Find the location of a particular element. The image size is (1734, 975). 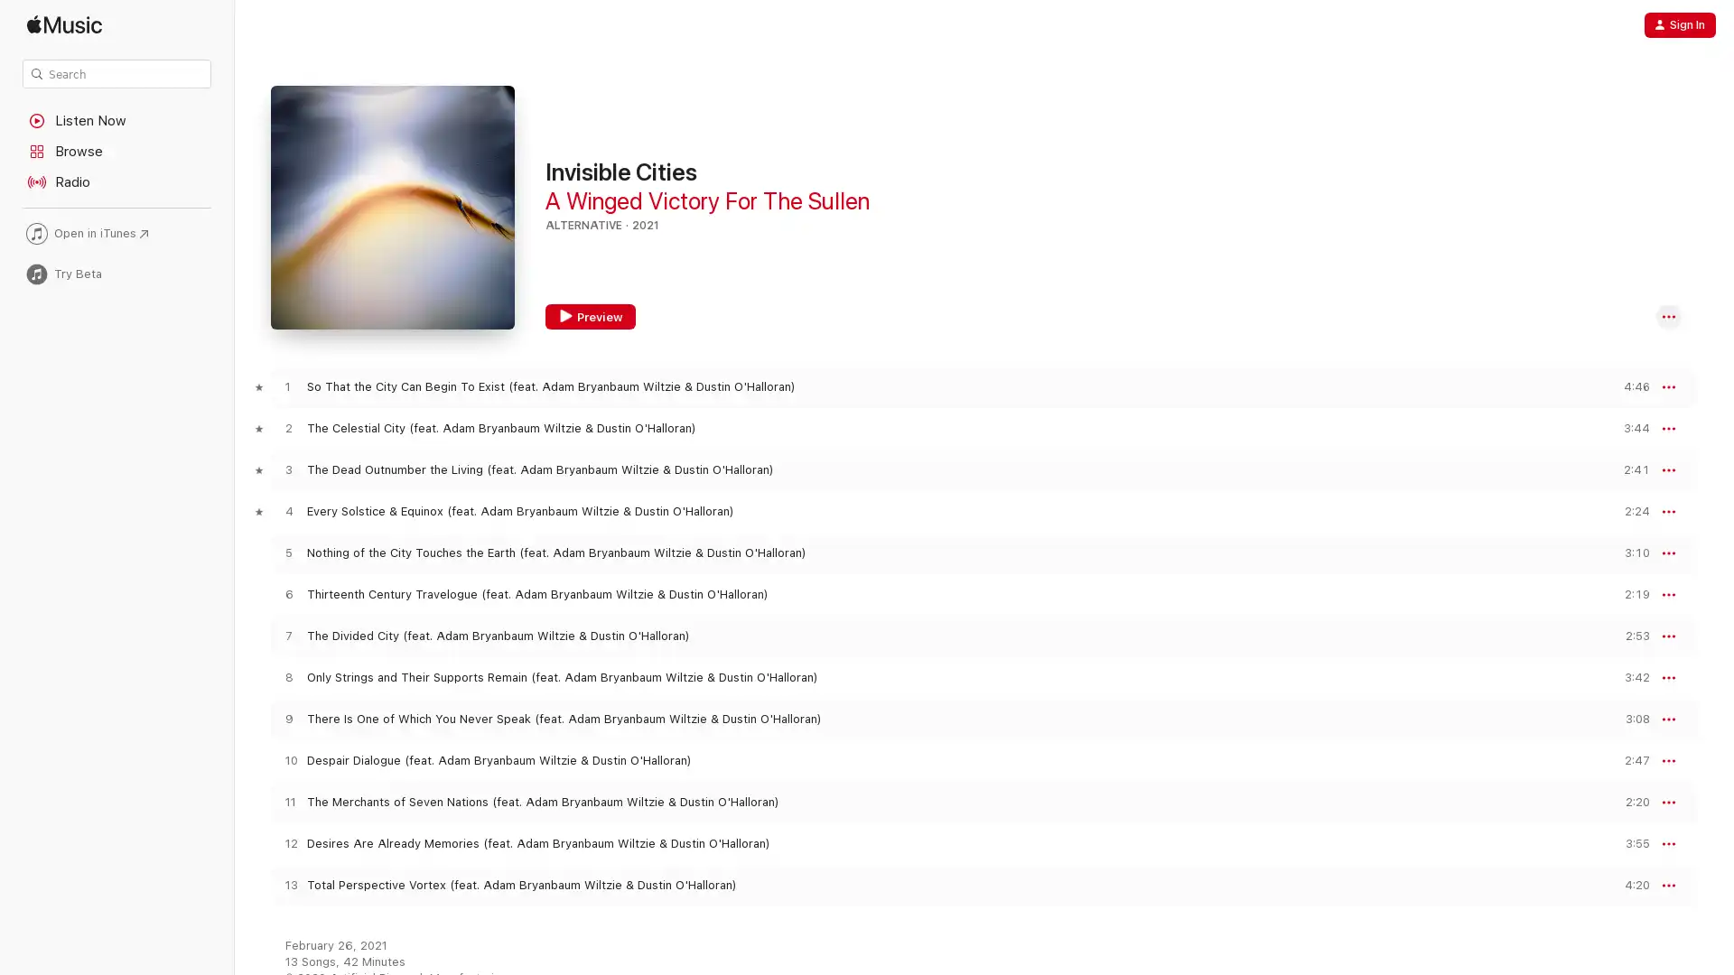

More is located at coordinates (1668, 428).